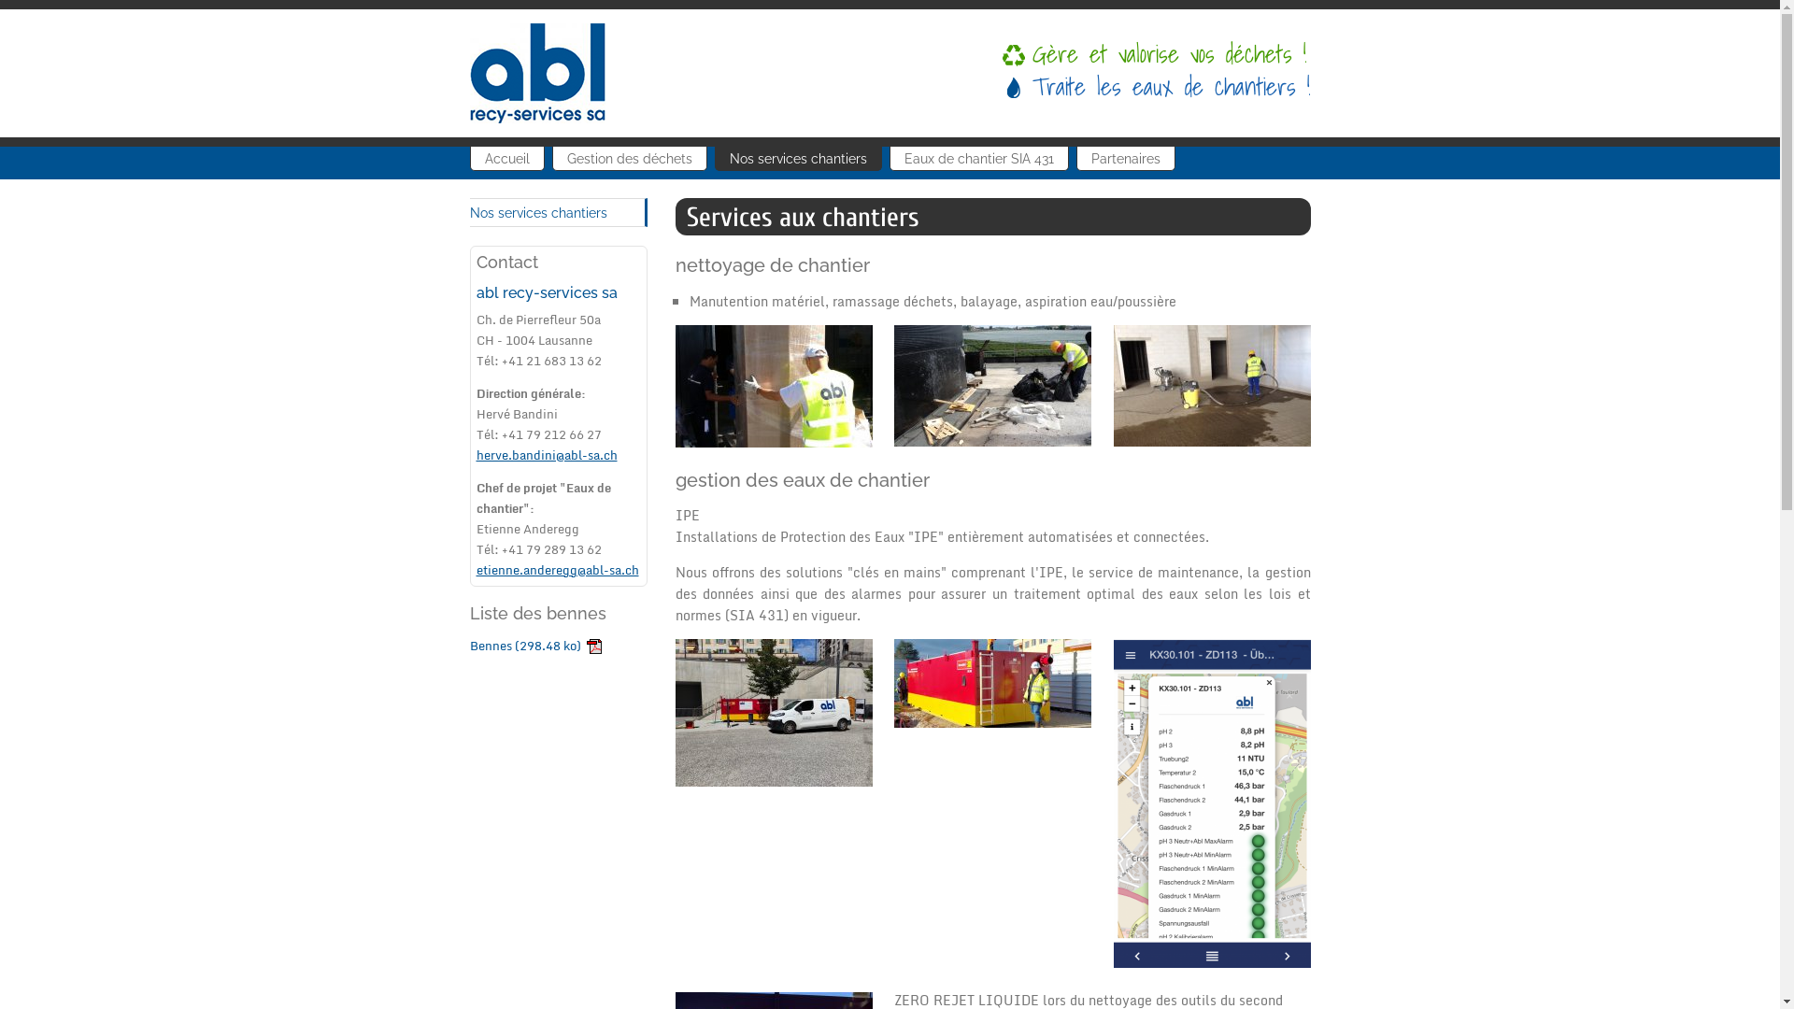 The image size is (1794, 1009). What do you see at coordinates (1124, 157) in the screenshot?
I see `'Partenaires'` at bounding box center [1124, 157].